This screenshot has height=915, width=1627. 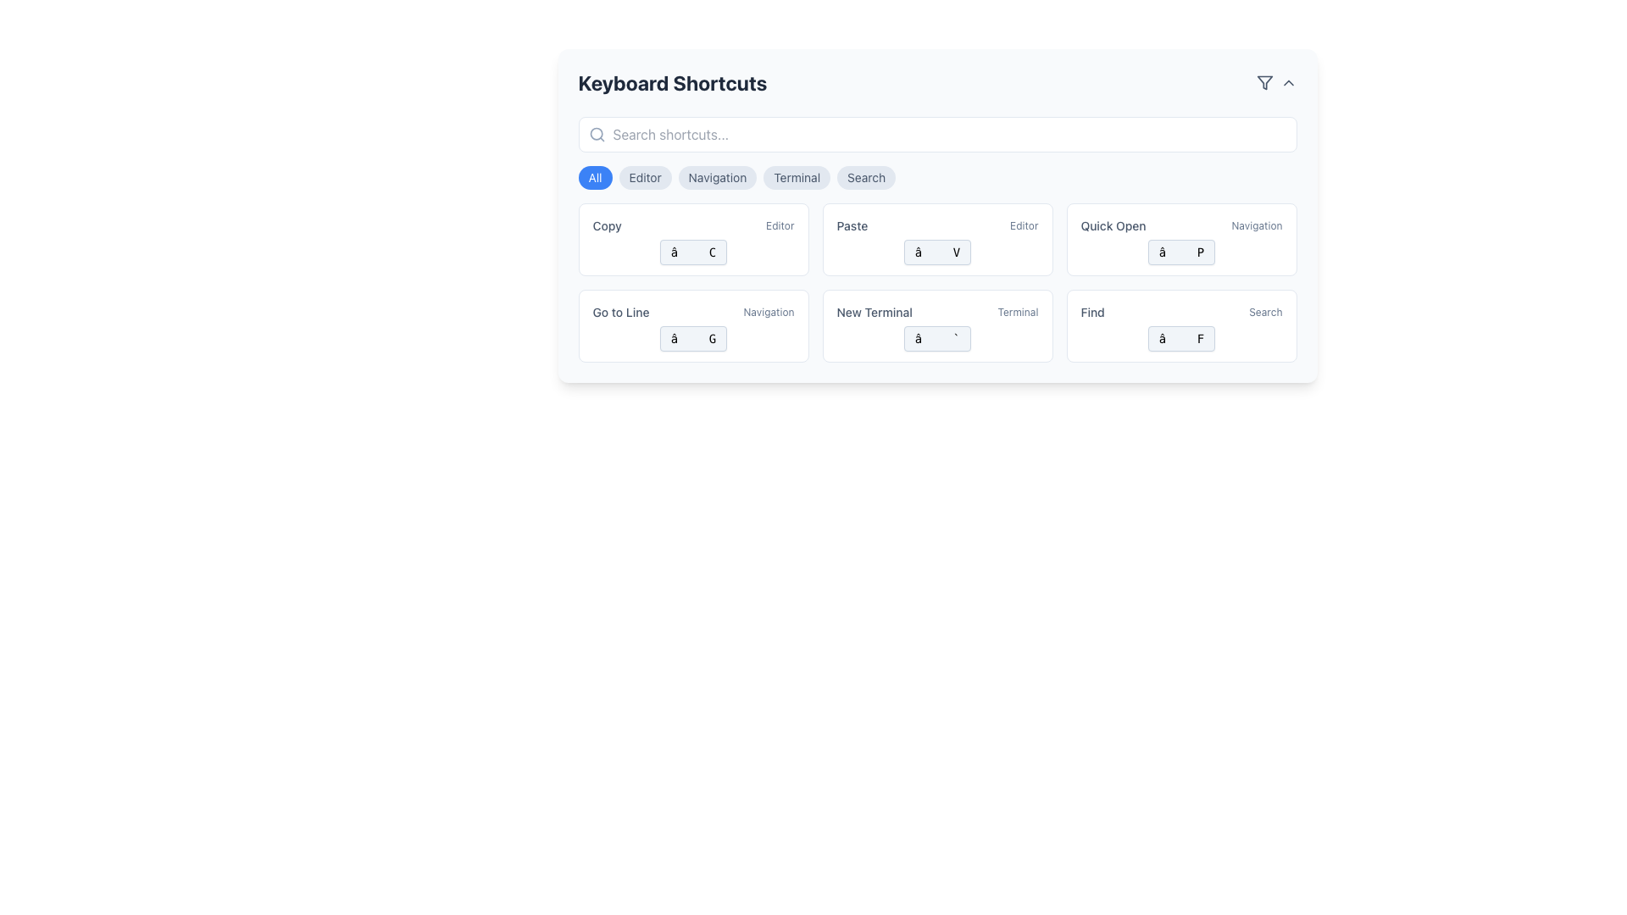 What do you see at coordinates (693, 326) in the screenshot?
I see `the Shortcut card that displays the keyboard shortcut for navigating to a specific line in the application to focus it` at bounding box center [693, 326].